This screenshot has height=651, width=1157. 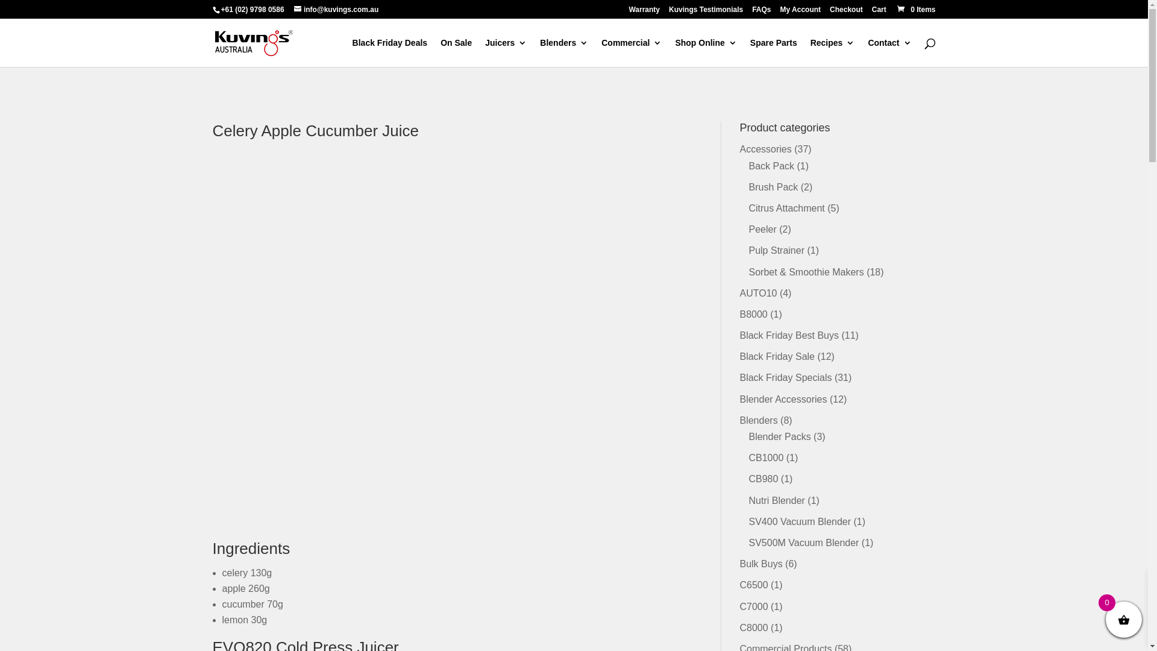 I want to click on 'Recipes', so click(x=832, y=52).